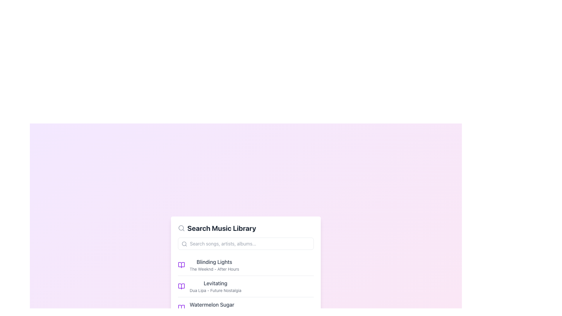 The height and width of the screenshot is (316, 562). I want to click on the search icon located at the top-left corner of the 'Search Music Library' section, immediately to the left of the bold title 'Search Music Library', so click(181, 228).